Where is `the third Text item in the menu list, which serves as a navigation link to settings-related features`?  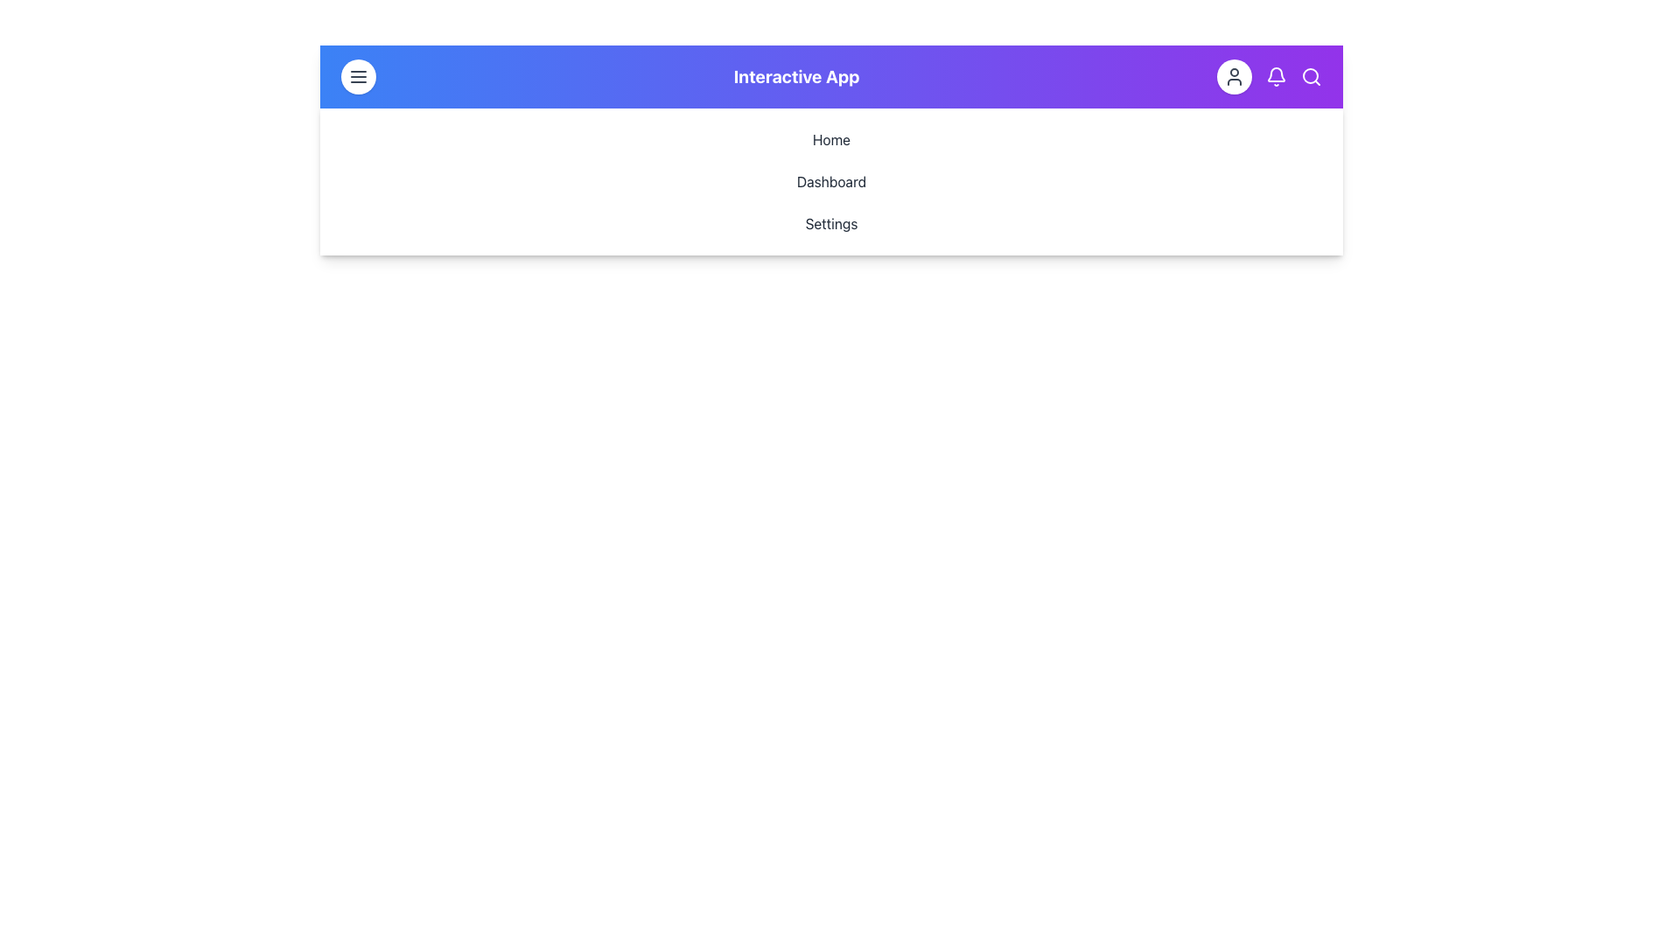 the third Text item in the menu list, which serves as a navigation link to settings-related features is located at coordinates (830, 222).